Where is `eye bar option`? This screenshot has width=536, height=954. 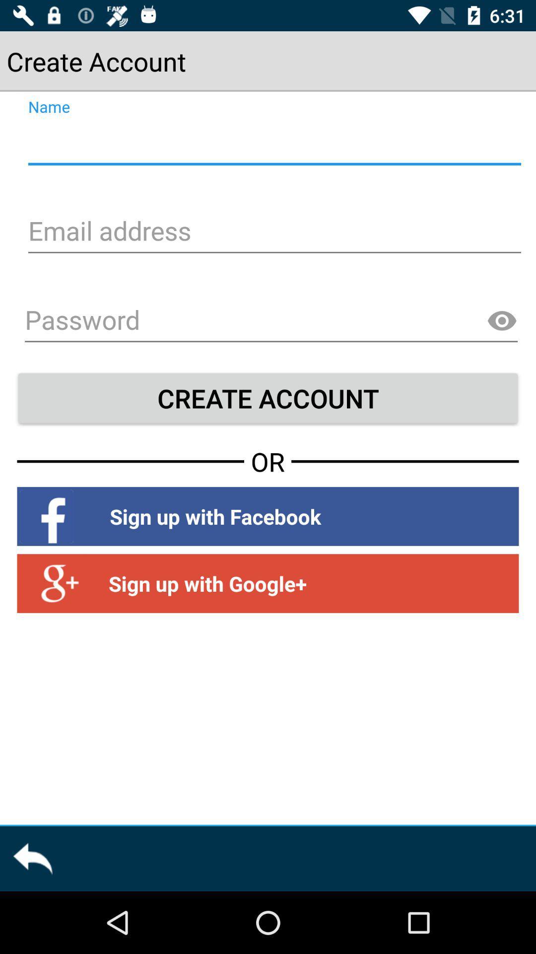
eye bar option is located at coordinates (502, 321).